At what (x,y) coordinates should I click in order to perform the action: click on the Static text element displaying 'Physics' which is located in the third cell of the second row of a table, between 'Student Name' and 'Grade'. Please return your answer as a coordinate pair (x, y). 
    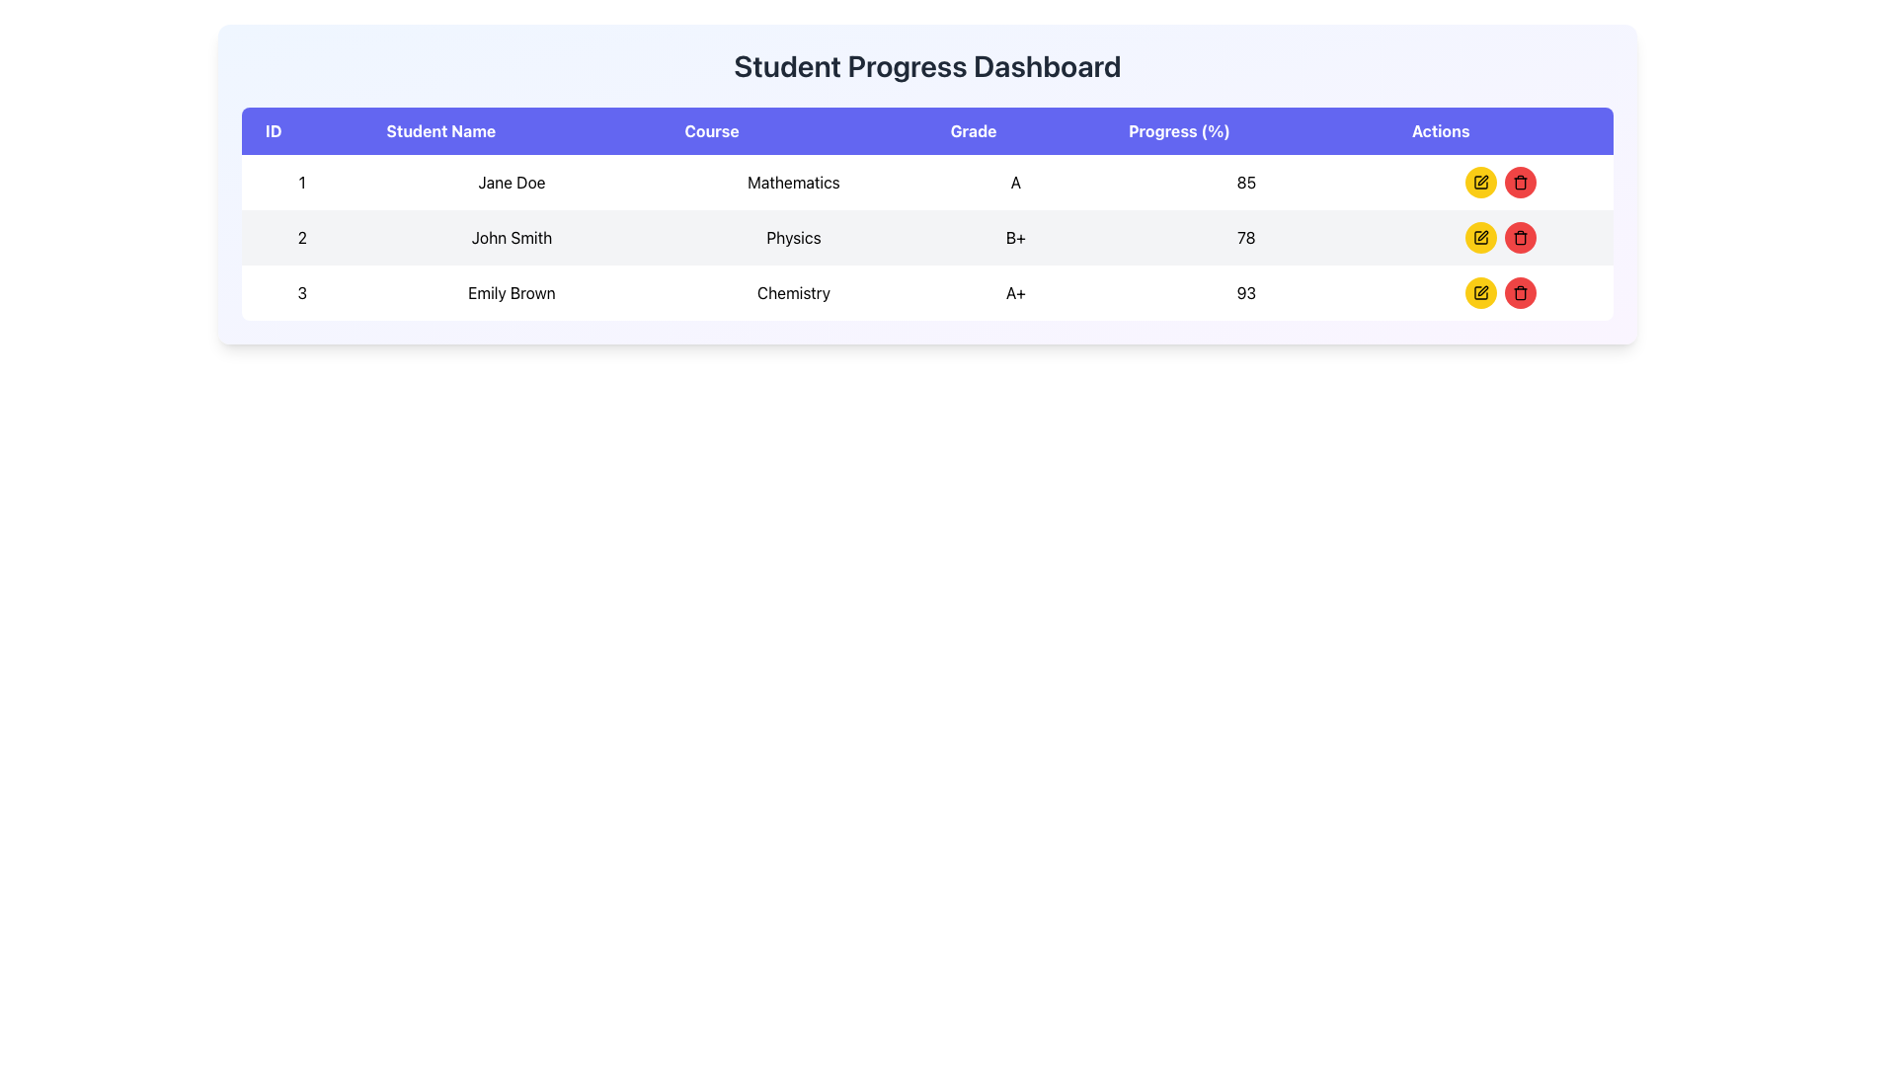
    Looking at the image, I should click on (794, 236).